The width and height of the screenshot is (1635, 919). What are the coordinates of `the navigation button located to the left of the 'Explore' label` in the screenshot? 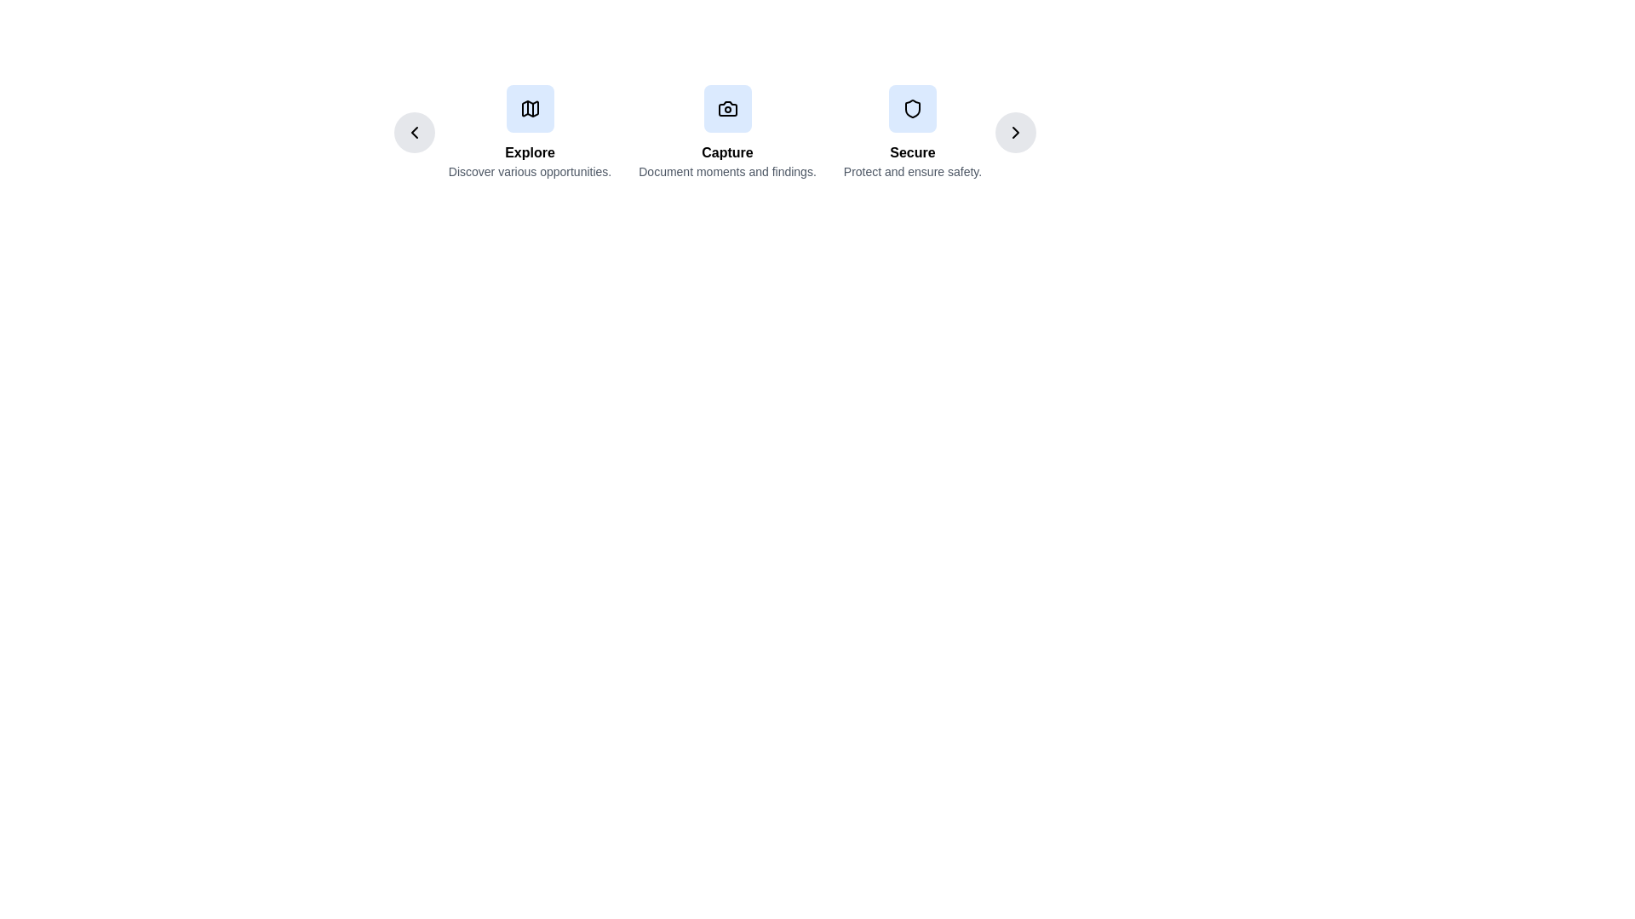 It's located at (414, 131).